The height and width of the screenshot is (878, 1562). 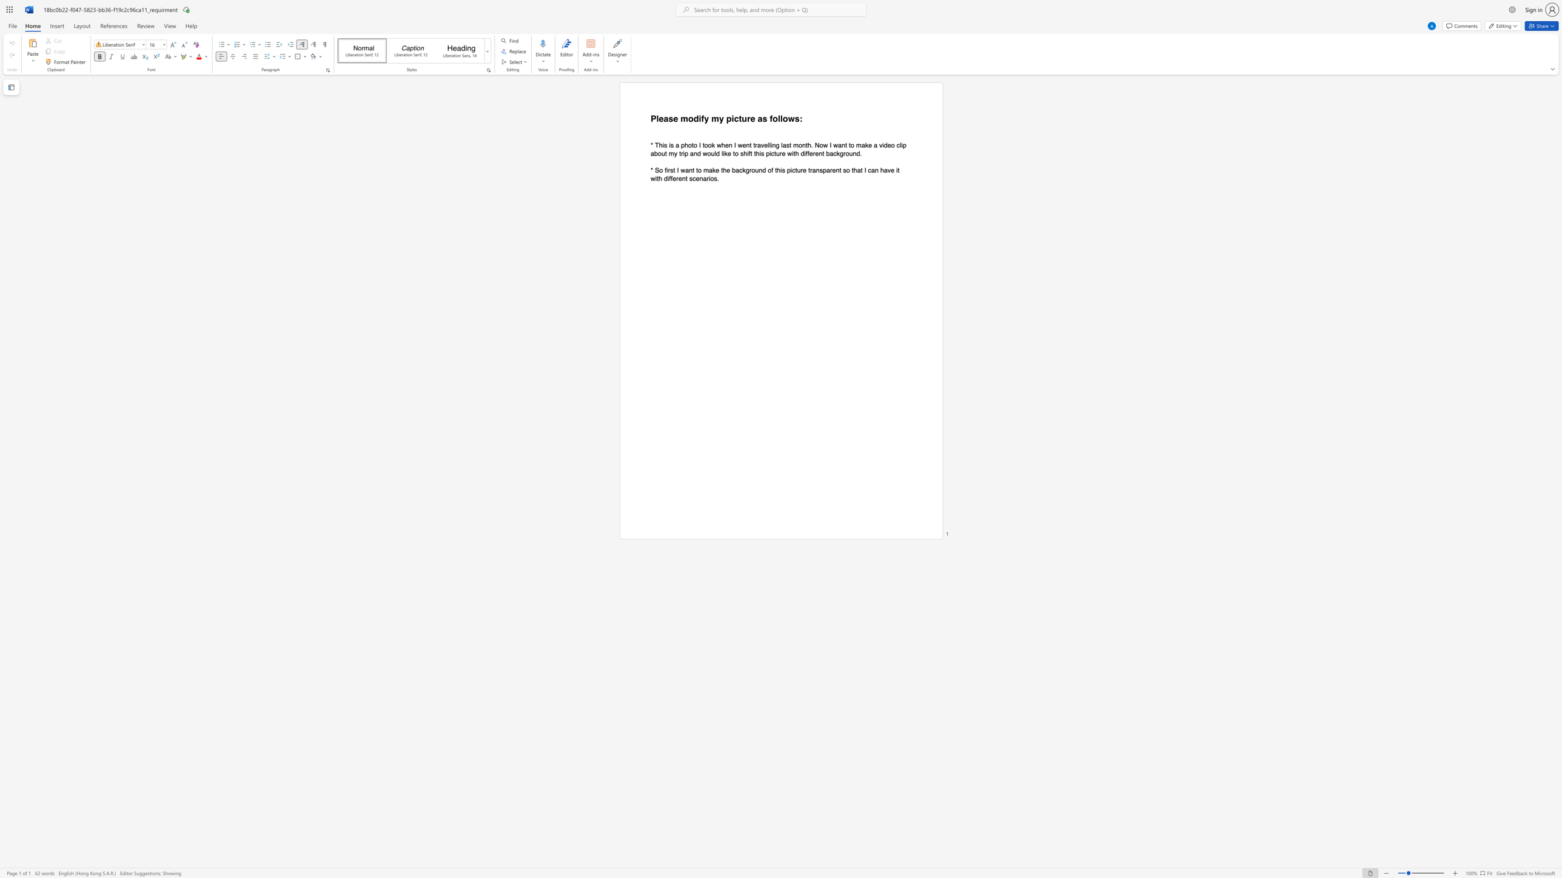 What do you see at coordinates (750, 169) in the screenshot?
I see `the 2th character "r" in the text` at bounding box center [750, 169].